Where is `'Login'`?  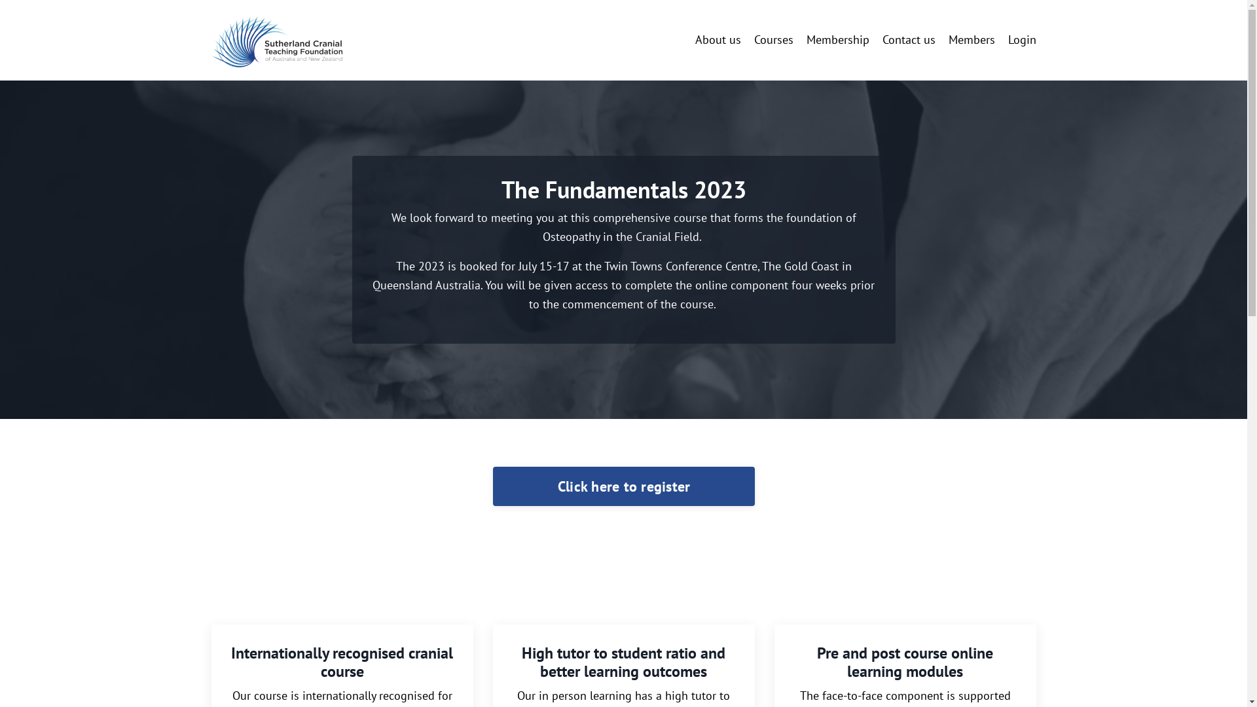 'Login' is located at coordinates (1021, 39).